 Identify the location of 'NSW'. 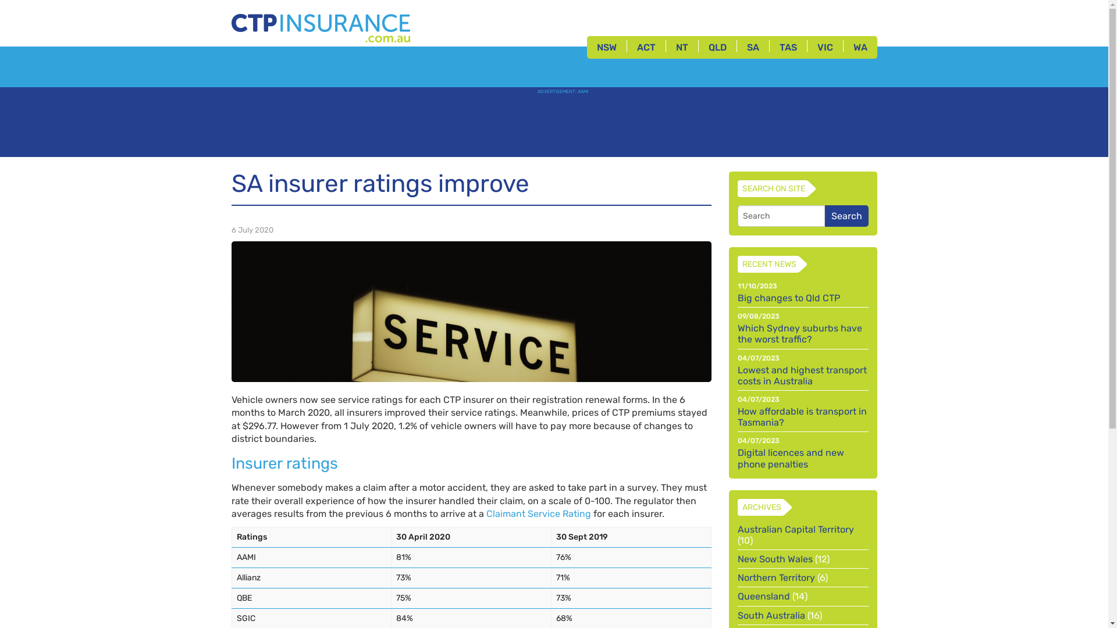
(605, 47).